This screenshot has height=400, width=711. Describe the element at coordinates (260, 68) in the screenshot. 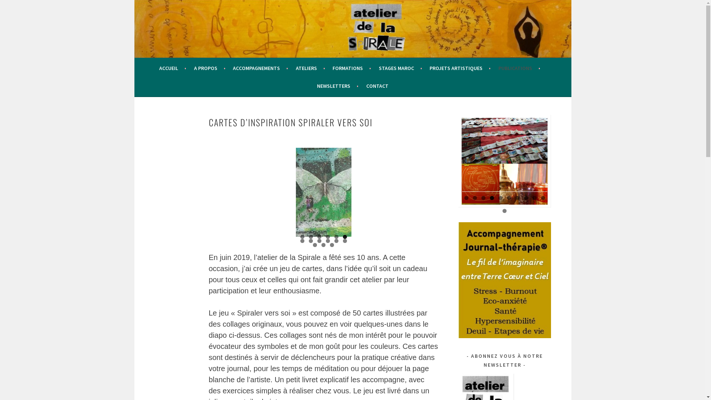

I see `'ACCOMPAGNEMENTS'` at that location.